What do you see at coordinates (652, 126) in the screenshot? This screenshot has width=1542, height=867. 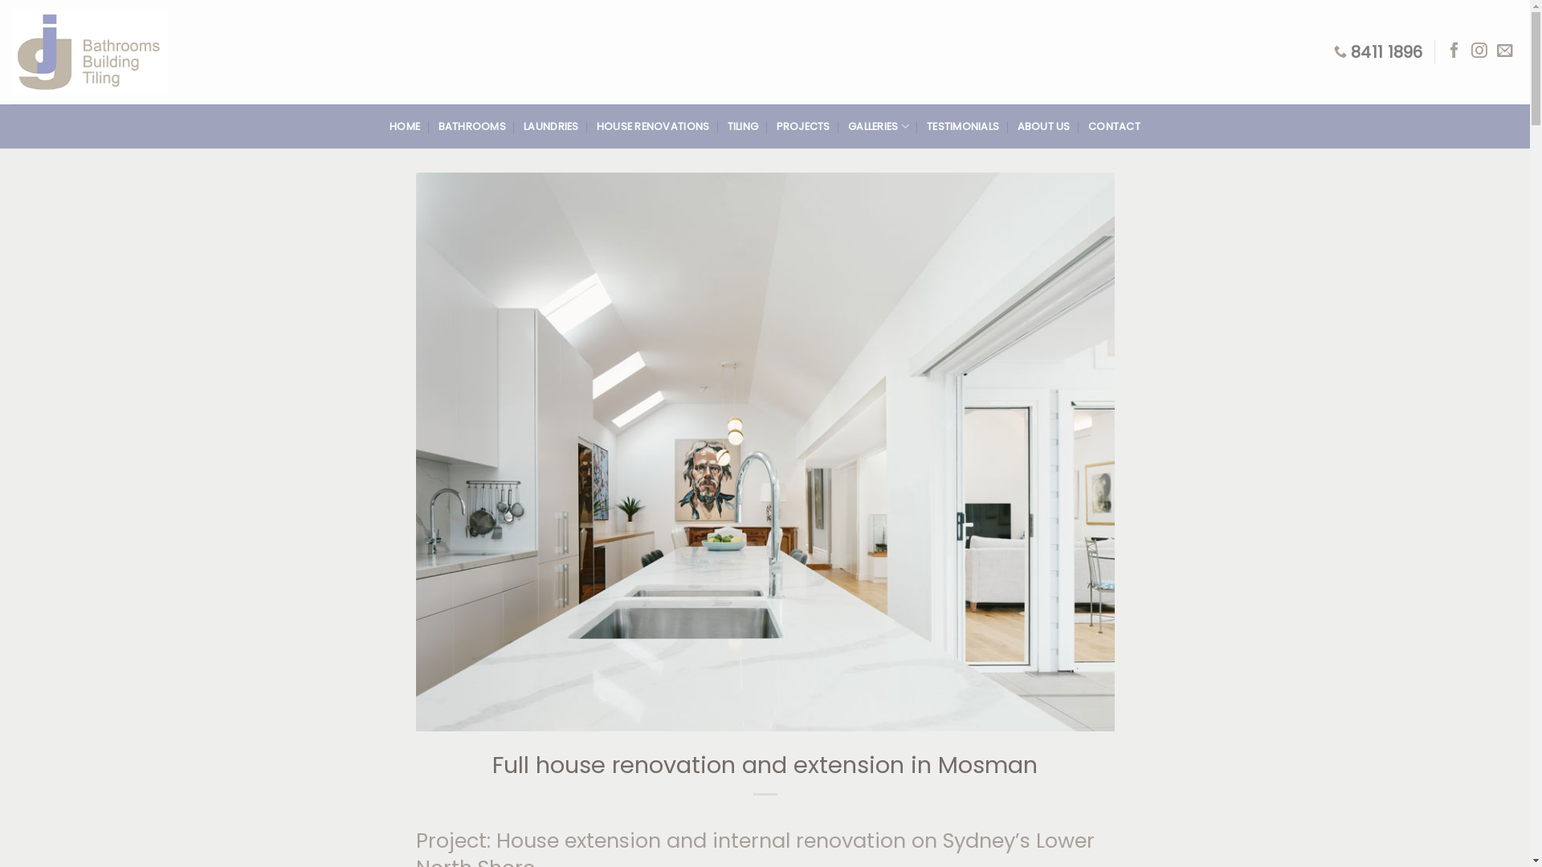 I see `'HOUSE RENOVATIONS'` at bounding box center [652, 126].